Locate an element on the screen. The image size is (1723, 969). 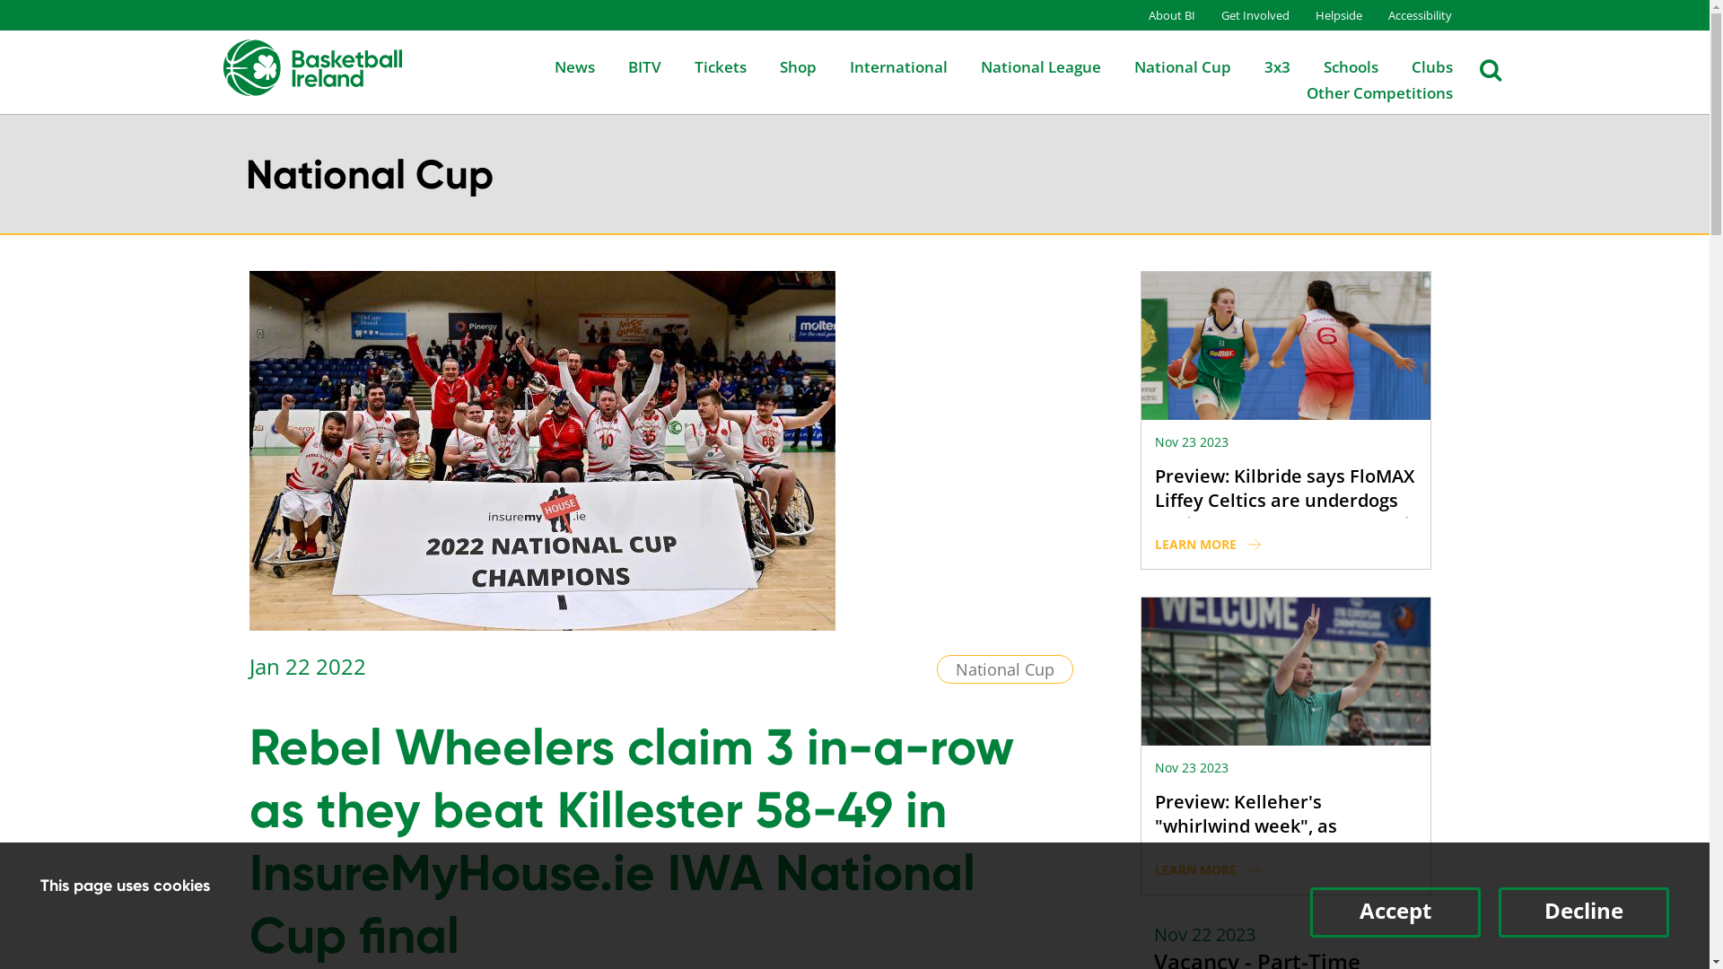
'BITV' is located at coordinates (629, 65).